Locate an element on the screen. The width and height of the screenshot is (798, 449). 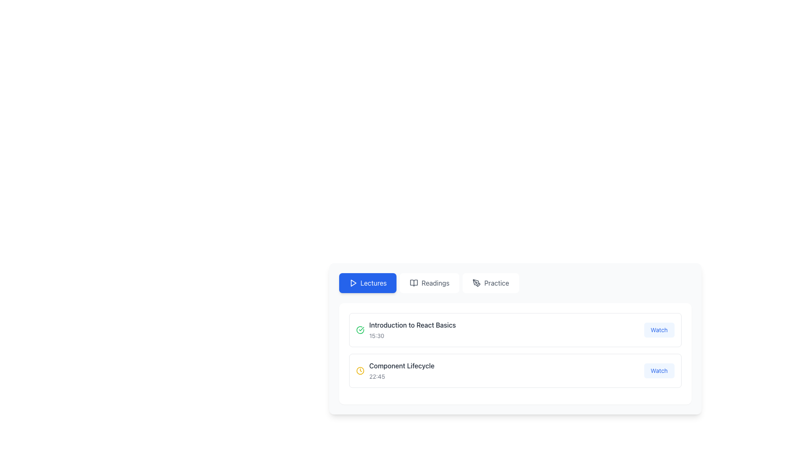
the 'Component Lifecycle' item in the list by left clicking on it is located at coordinates (394, 370).